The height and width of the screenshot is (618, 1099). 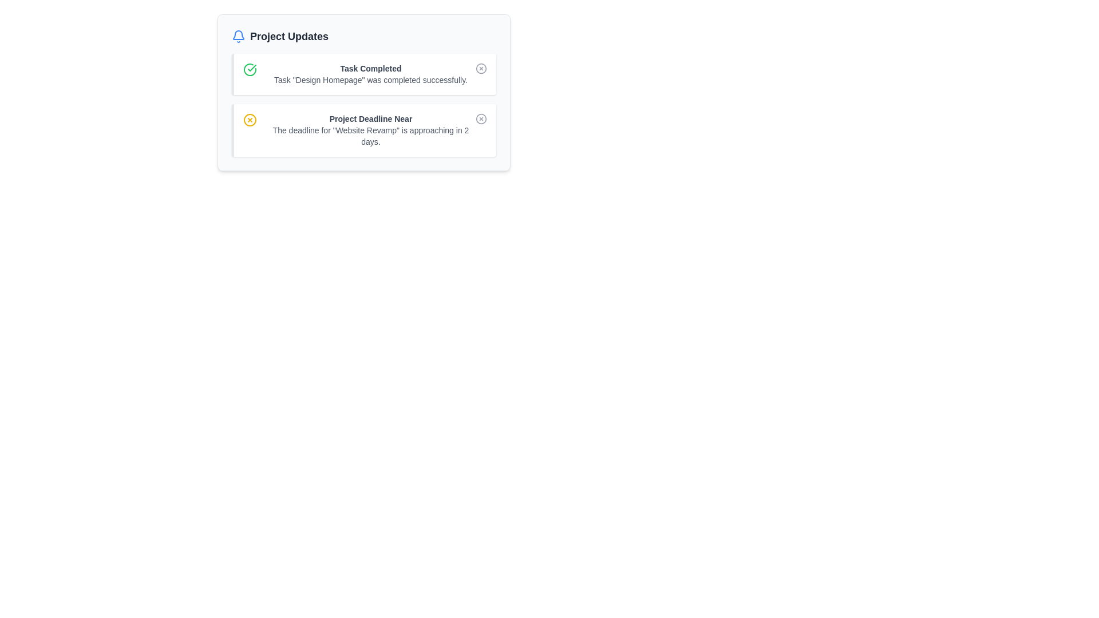 I want to click on text from the urgency text label located in the notification panel, directly below the 'Task Completed' section, so click(x=371, y=119).